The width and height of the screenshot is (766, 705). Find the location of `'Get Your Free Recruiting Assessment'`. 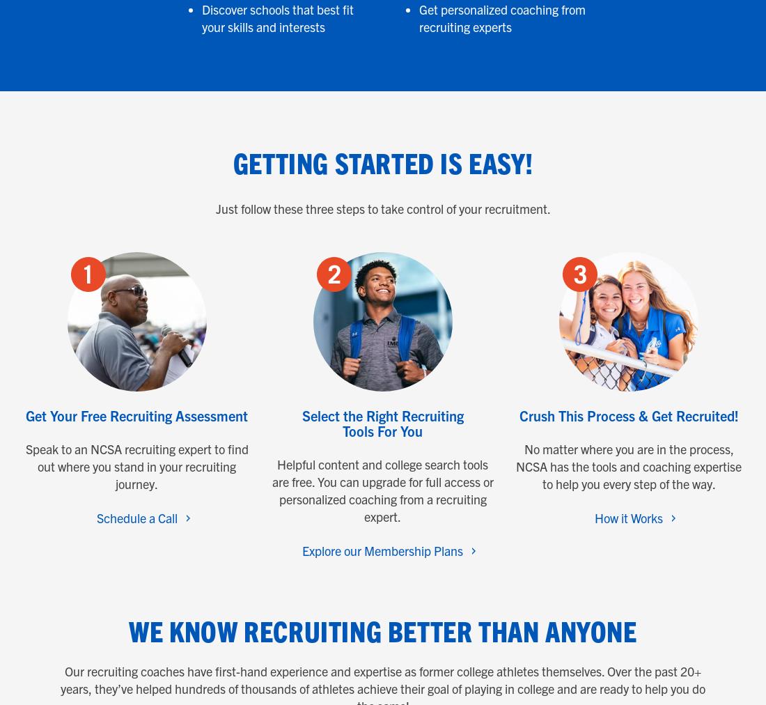

'Get Your Free Recruiting Assessment' is located at coordinates (136, 415).